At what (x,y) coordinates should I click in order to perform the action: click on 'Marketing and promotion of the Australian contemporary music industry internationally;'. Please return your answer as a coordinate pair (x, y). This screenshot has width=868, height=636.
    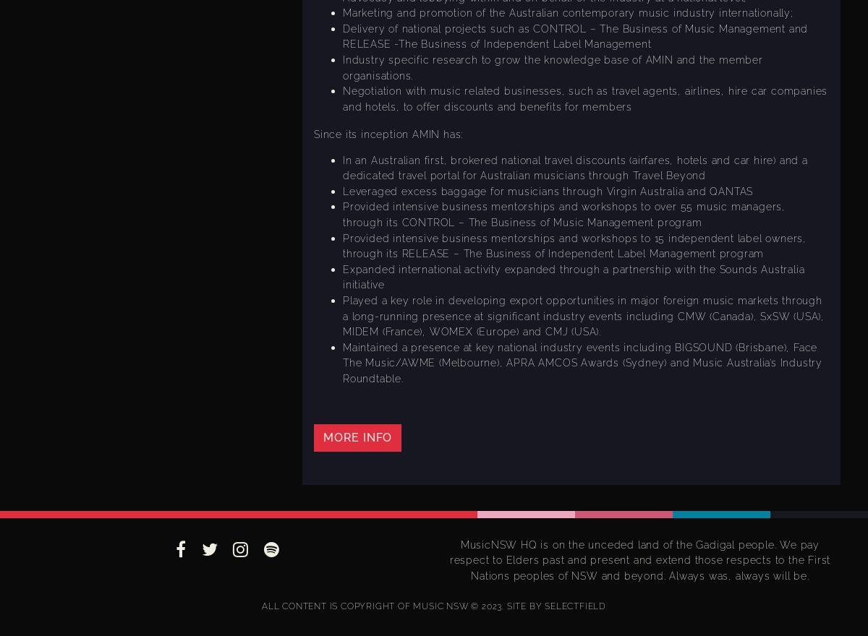
    Looking at the image, I should click on (566, 12).